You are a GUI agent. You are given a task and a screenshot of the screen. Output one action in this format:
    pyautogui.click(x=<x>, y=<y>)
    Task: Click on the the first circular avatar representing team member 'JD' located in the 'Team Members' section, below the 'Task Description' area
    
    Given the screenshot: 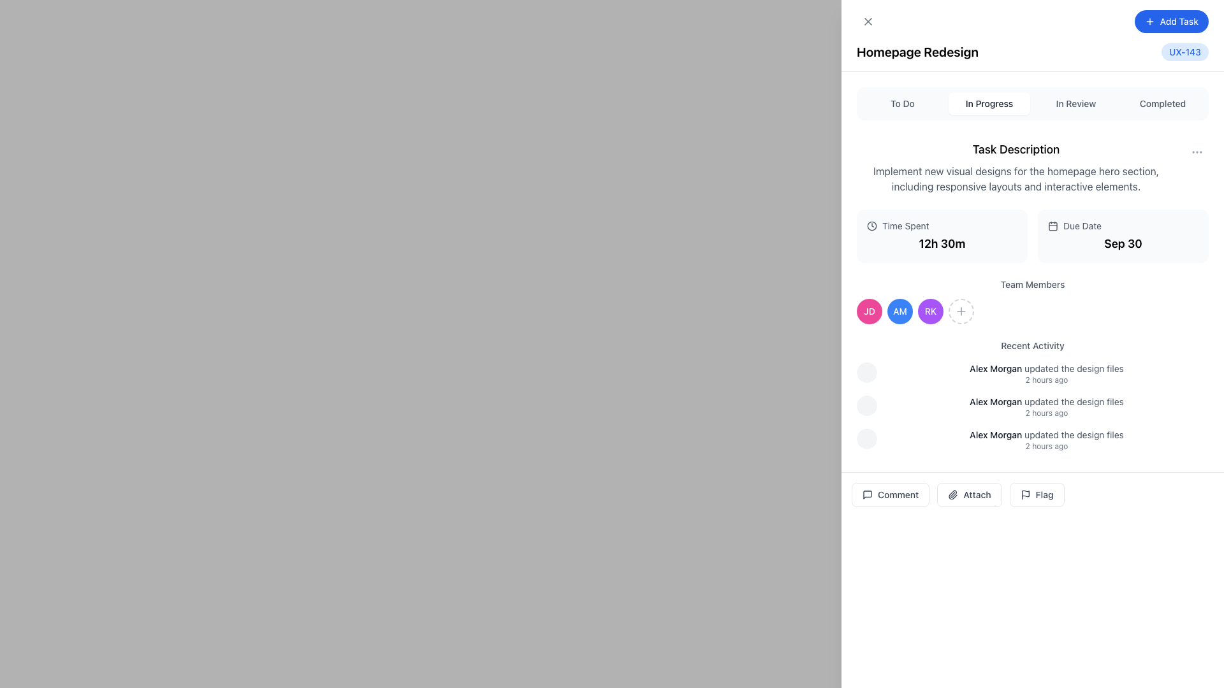 What is the action you would take?
    pyautogui.click(x=868, y=312)
    